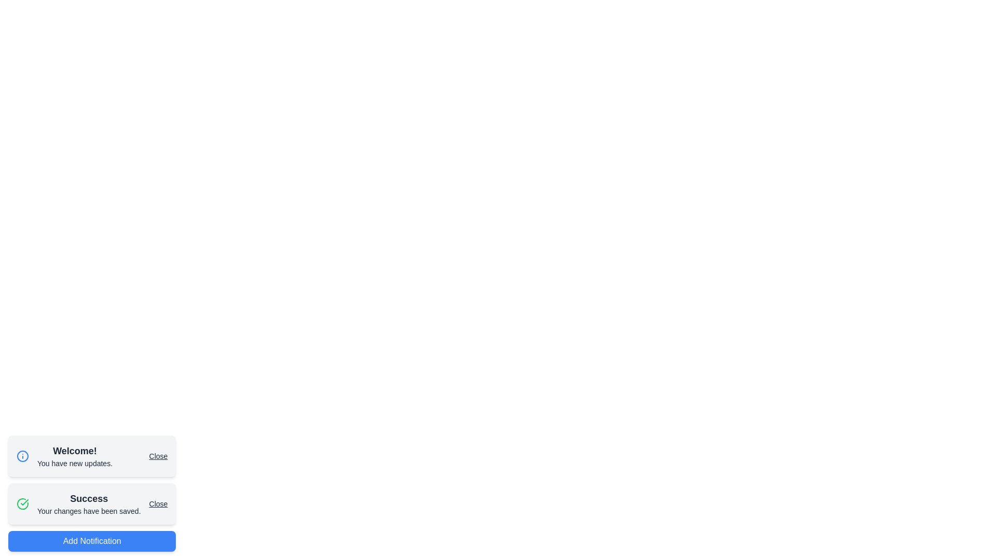  What do you see at coordinates (22, 455) in the screenshot?
I see `the central circle of the 'info' icon, which visually enhances the notification message for 'Welcome!'` at bounding box center [22, 455].